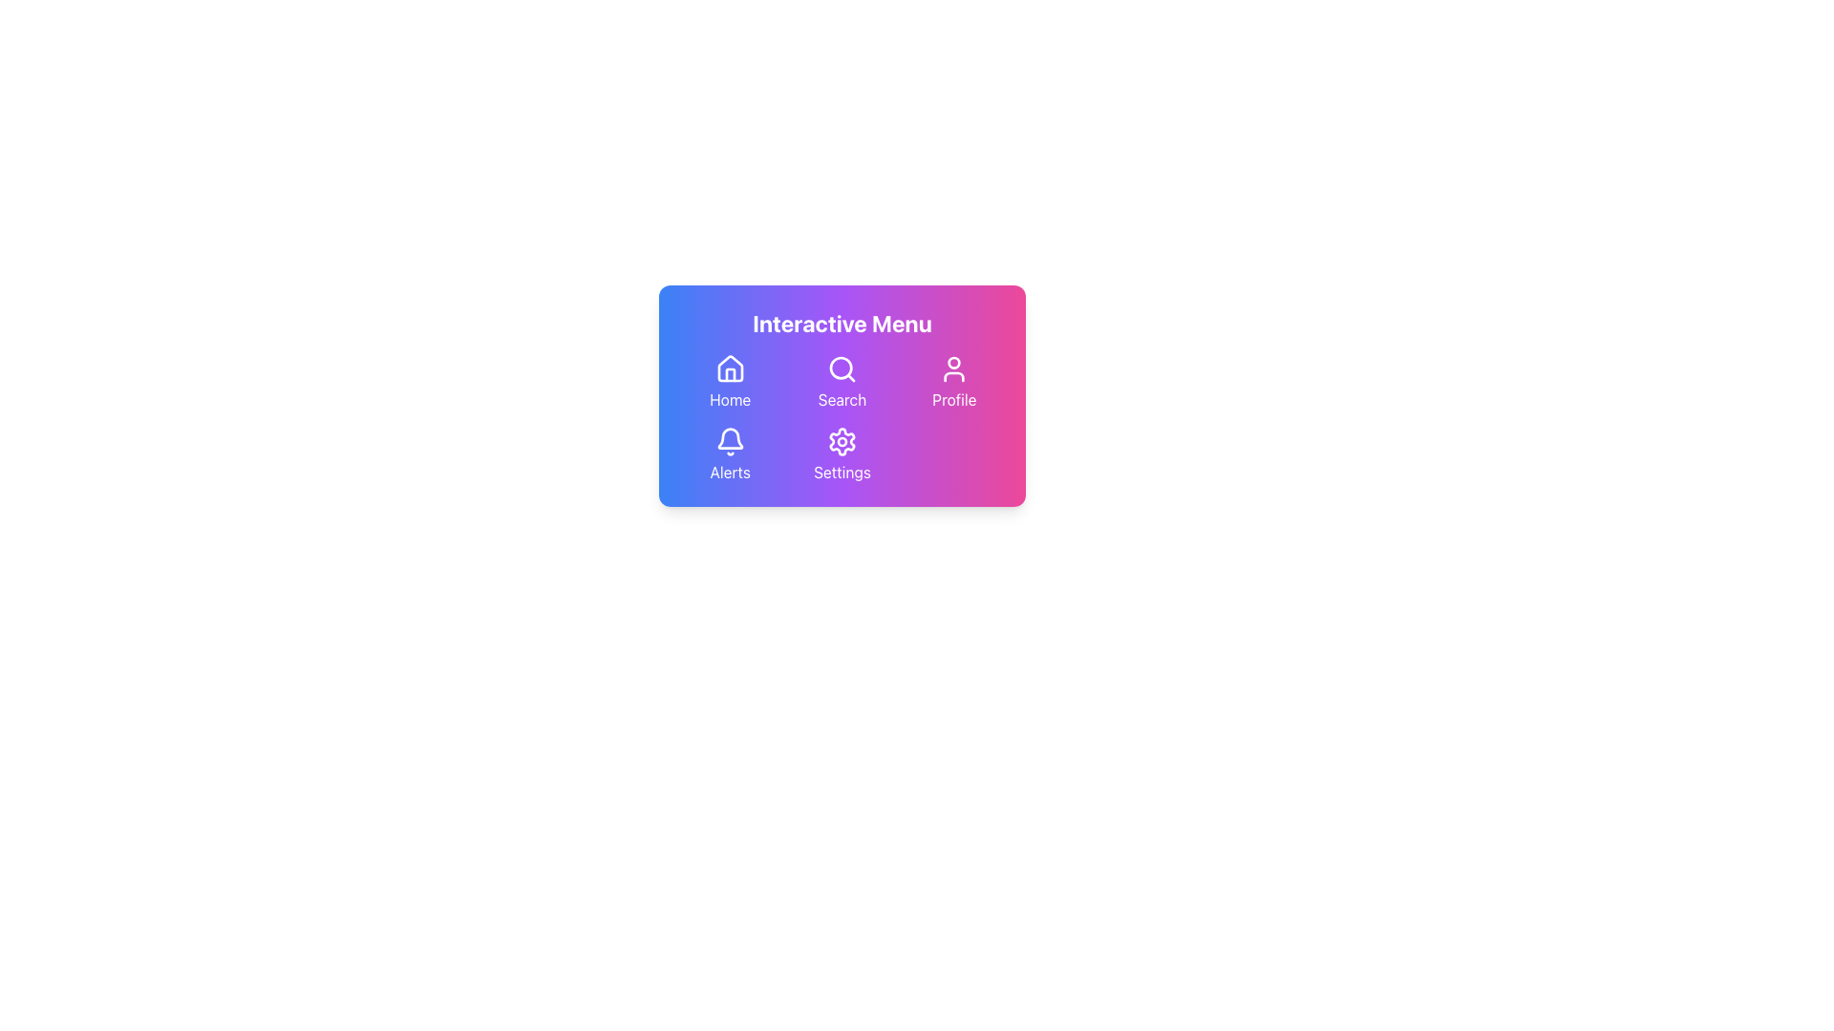 The width and height of the screenshot is (1834, 1031). What do you see at coordinates (842, 441) in the screenshot?
I see `the cogwheel-shaped icon representing the settings option, which is centrally aligned over the label 'Settings' in the interactive menu` at bounding box center [842, 441].